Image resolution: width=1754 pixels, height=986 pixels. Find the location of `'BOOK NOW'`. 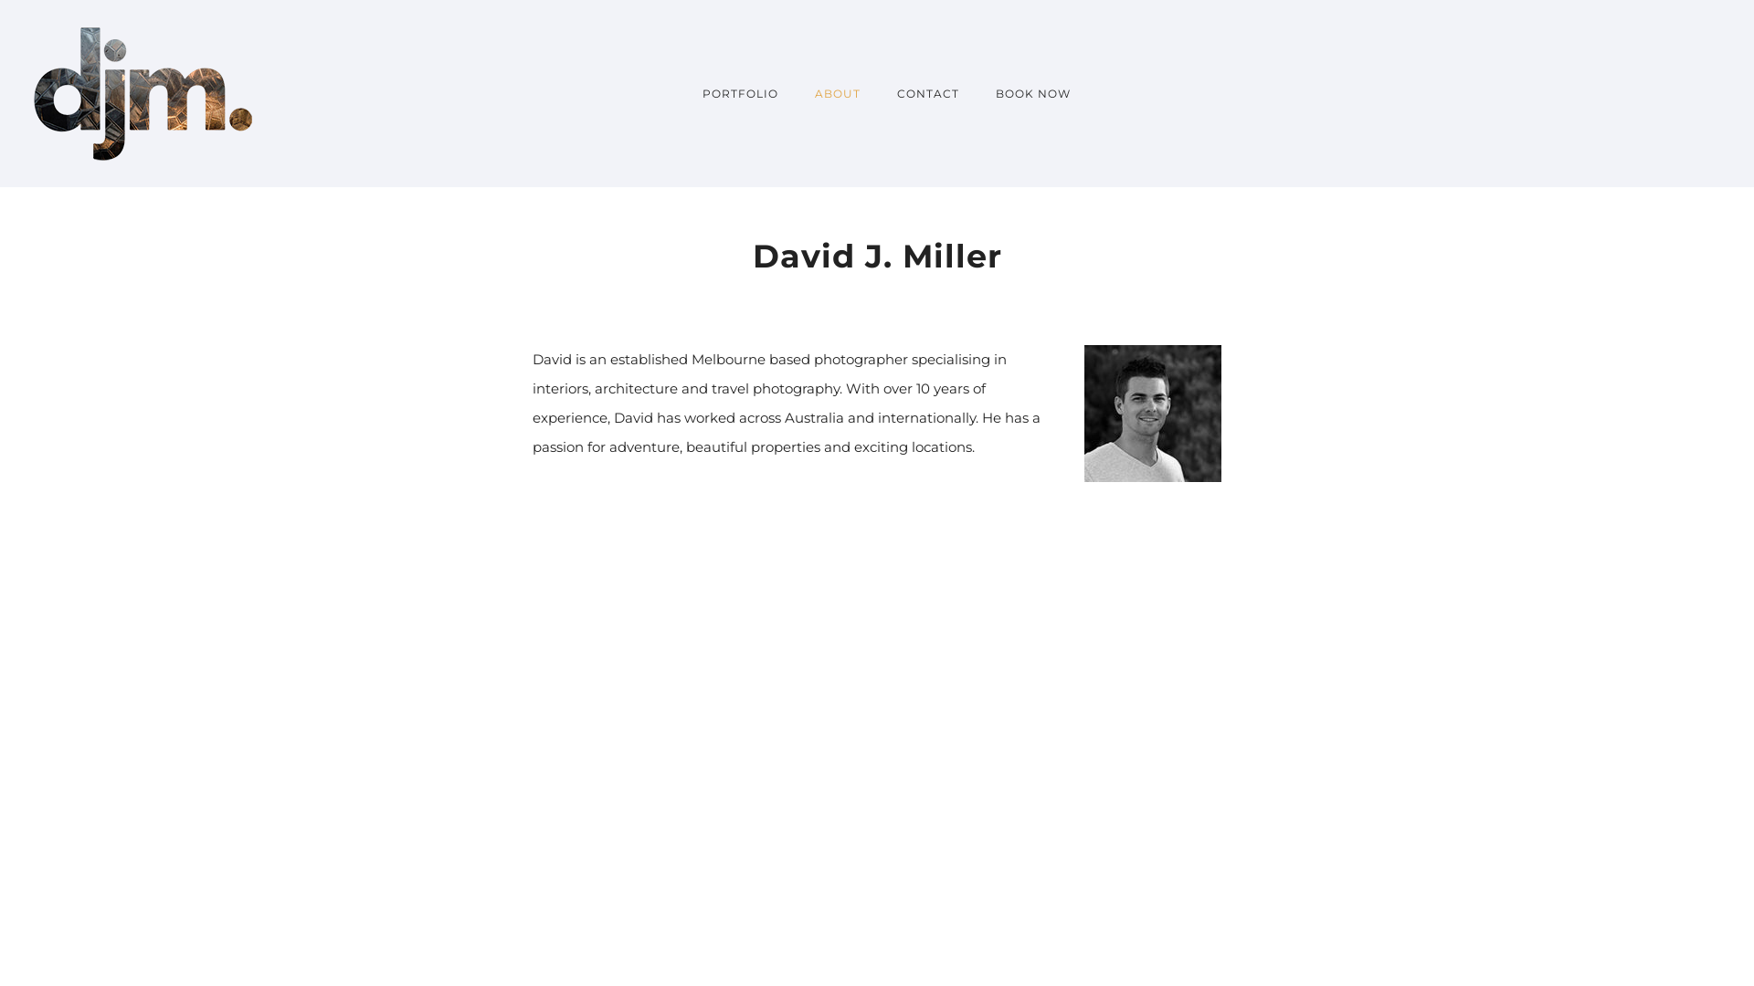

'BOOK NOW' is located at coordinates (1024, 93).